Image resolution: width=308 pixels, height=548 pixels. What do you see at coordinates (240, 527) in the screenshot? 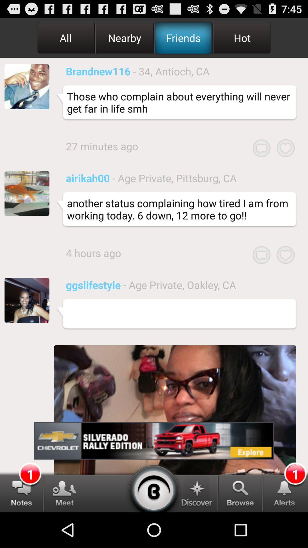
I see `the search icon` at bounding box center [240, 527].